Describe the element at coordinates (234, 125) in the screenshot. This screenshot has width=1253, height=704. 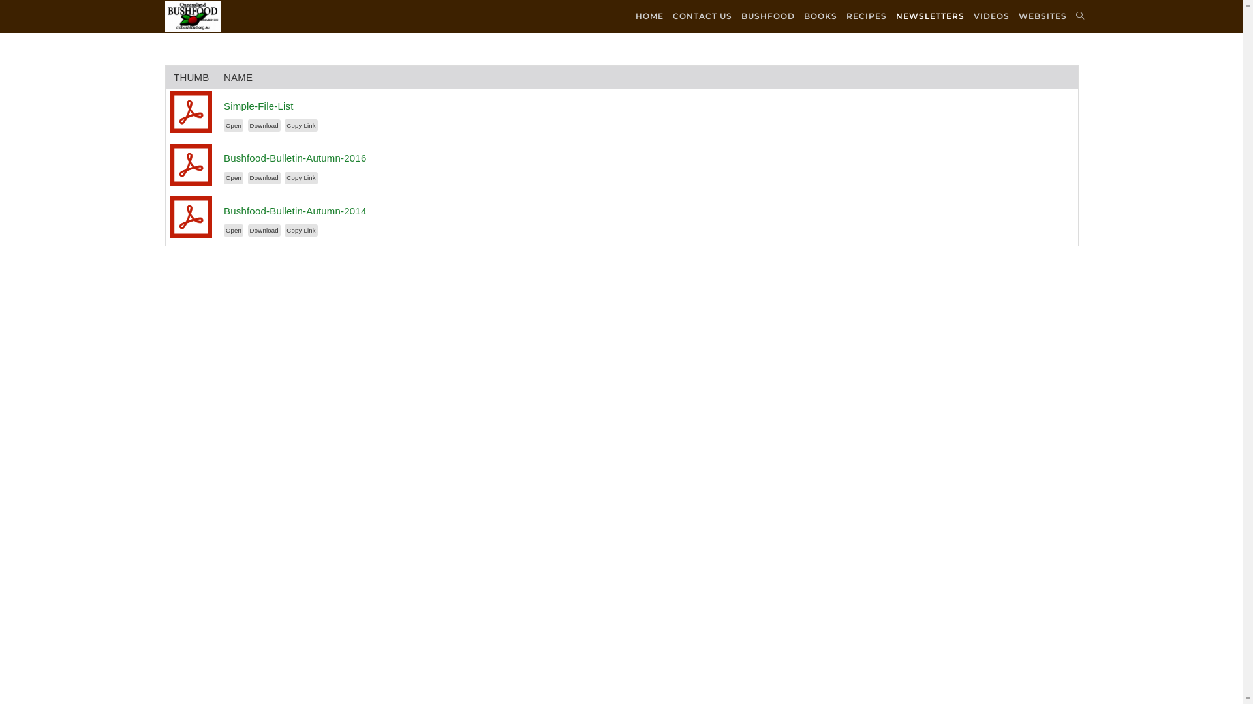
I see `'Open'` at that location.